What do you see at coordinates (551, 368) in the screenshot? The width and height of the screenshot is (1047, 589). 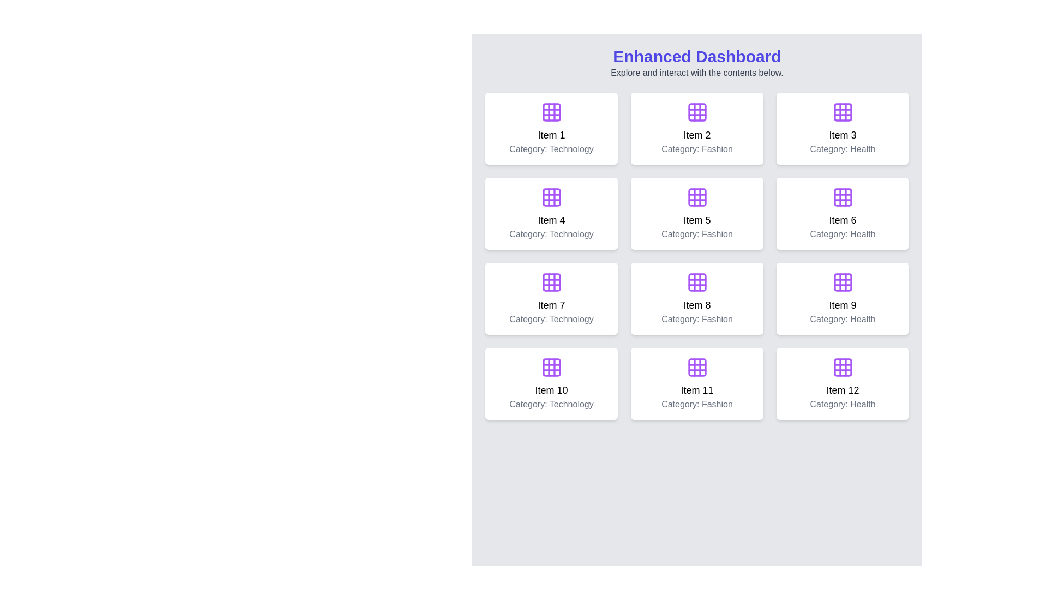 I see `the Icon (svg) representing the grid or categorization concept on the item card labeled 'Item 10', located in the third row and first column of the grid layout` at bounding box center [551, 368].